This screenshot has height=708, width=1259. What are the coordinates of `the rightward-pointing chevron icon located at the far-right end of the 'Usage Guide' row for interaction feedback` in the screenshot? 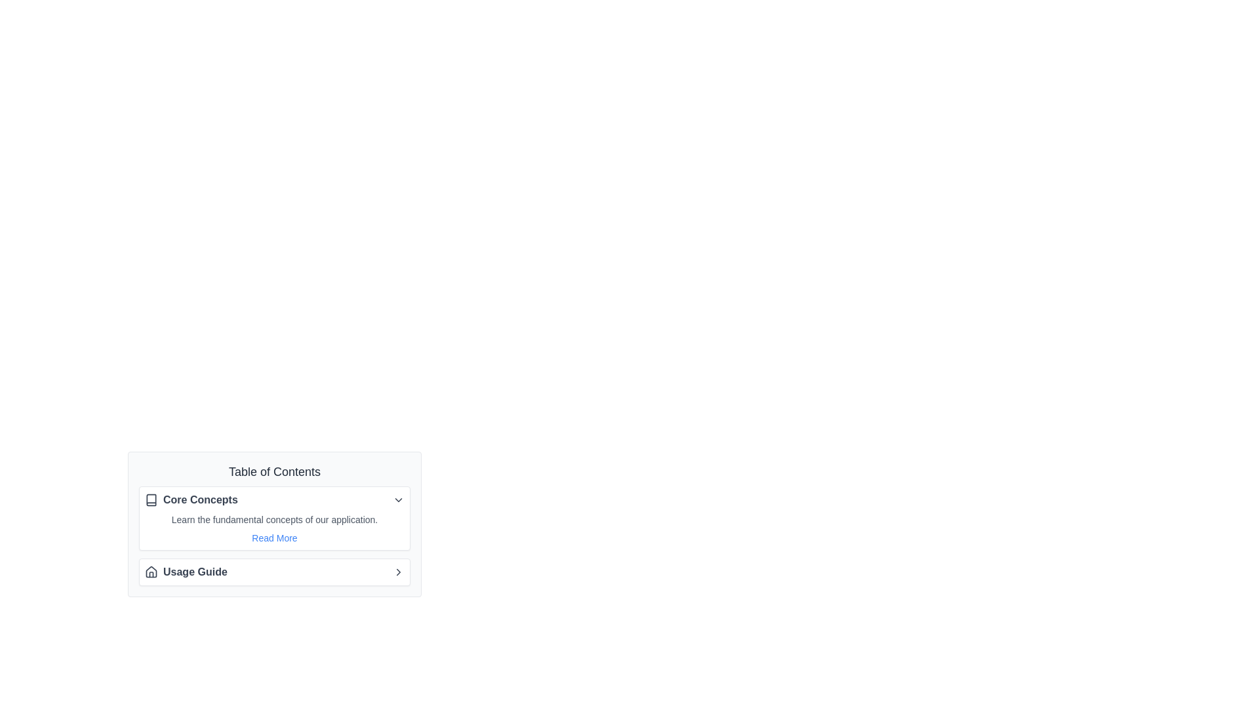 It's located at (398, 571).